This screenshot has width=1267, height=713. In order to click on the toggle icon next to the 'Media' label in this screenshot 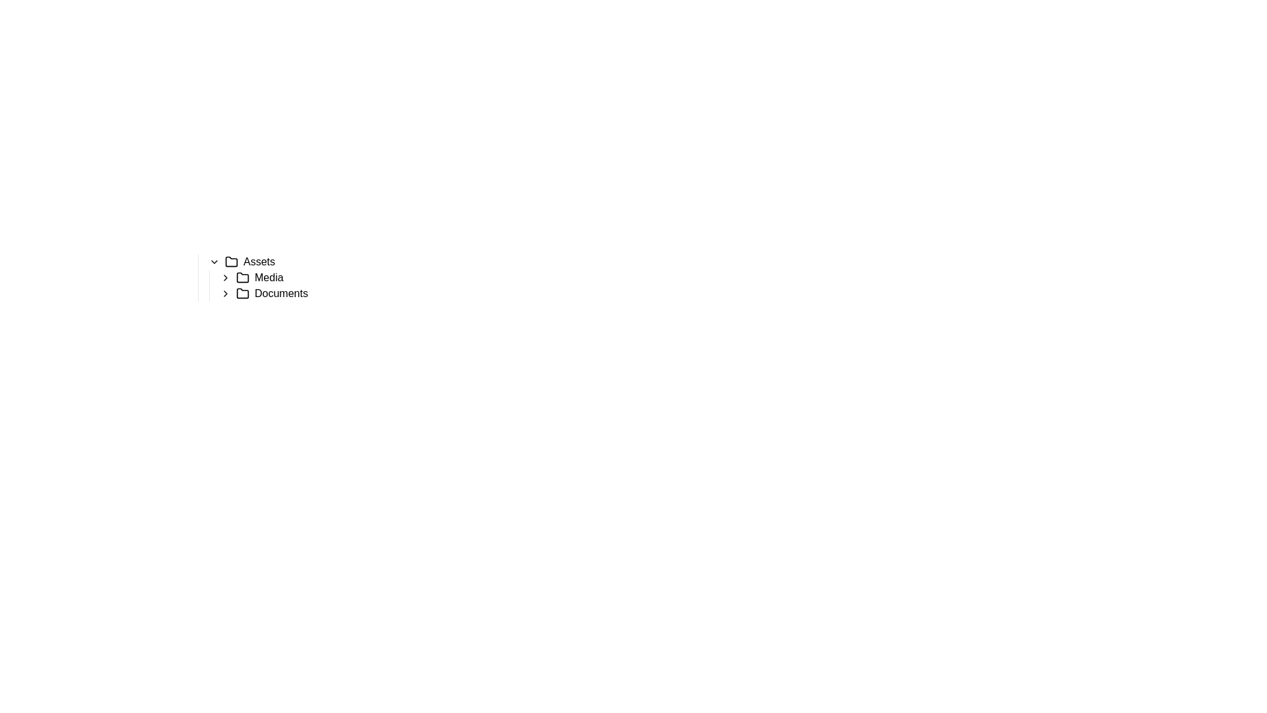, I will do `click(225, 277)`.